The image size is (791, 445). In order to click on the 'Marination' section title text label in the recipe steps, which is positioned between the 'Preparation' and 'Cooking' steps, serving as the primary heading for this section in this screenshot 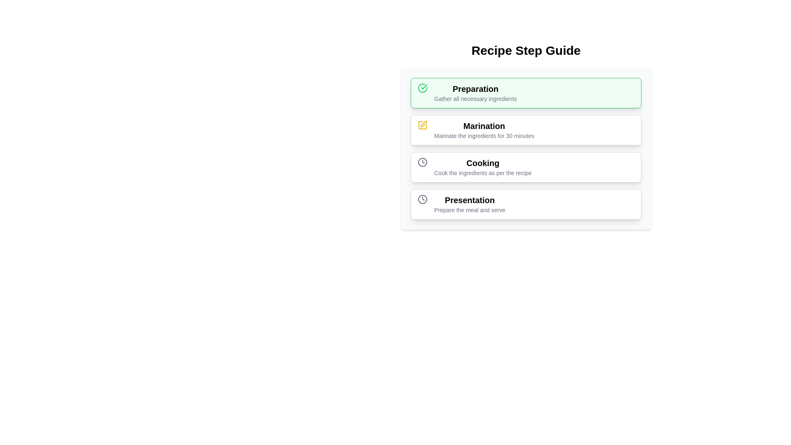, I will do `click(484, 126)`.